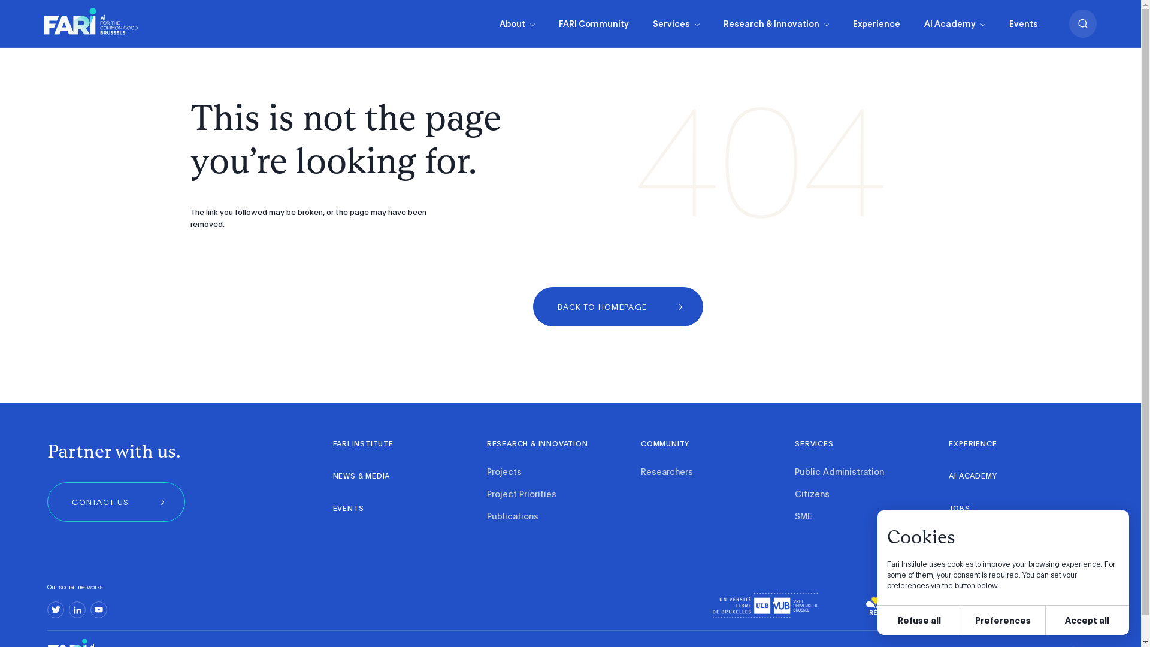 This screenshot has height=647, width=1150. I want to click on 'COMMUNITY', so click(640, 444).